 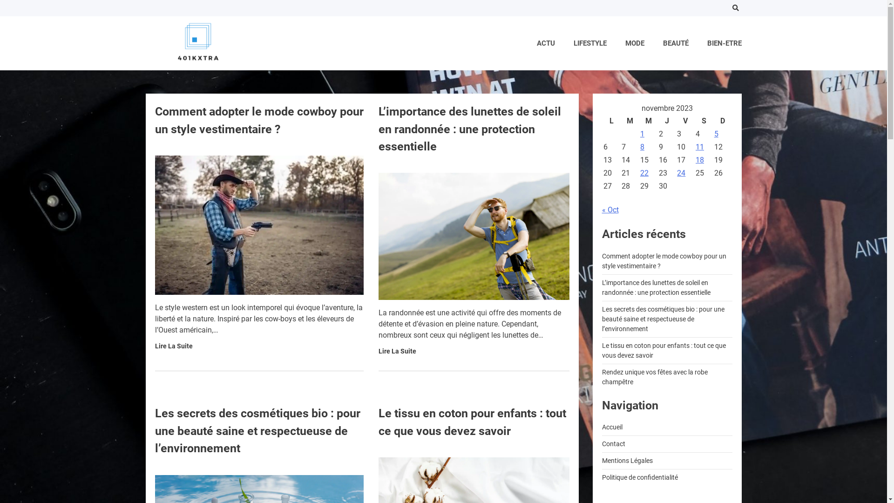 I want to click on '1', so click(x=642, y=134).